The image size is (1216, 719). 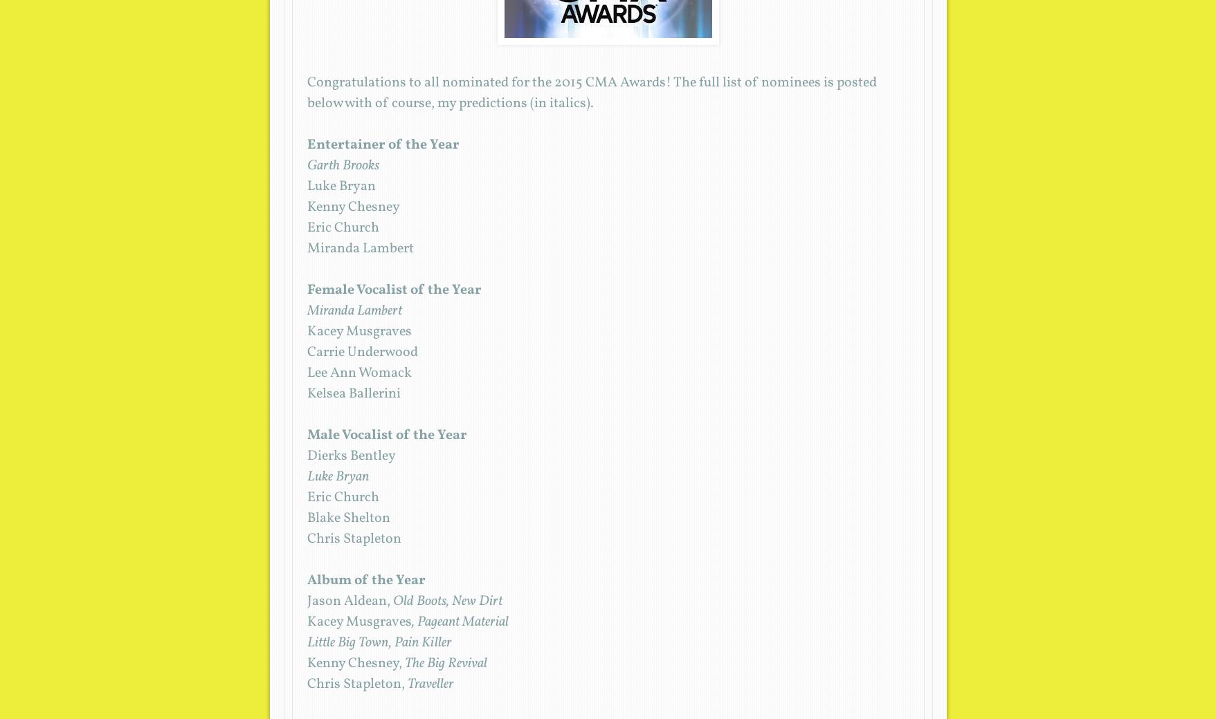 I want to click on 'Entertainer of the Year', so click(x=382, y=144).